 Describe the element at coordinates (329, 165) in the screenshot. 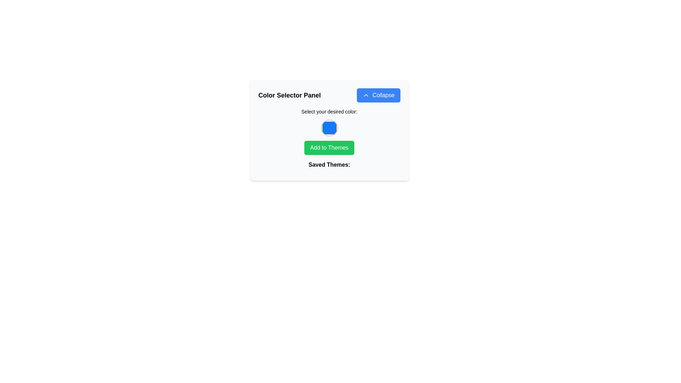

I see `the text label displaying 'Saved Themes:' which is located below the 'Add to Themes' green button in the 'Color Selector Panel'` at that location.